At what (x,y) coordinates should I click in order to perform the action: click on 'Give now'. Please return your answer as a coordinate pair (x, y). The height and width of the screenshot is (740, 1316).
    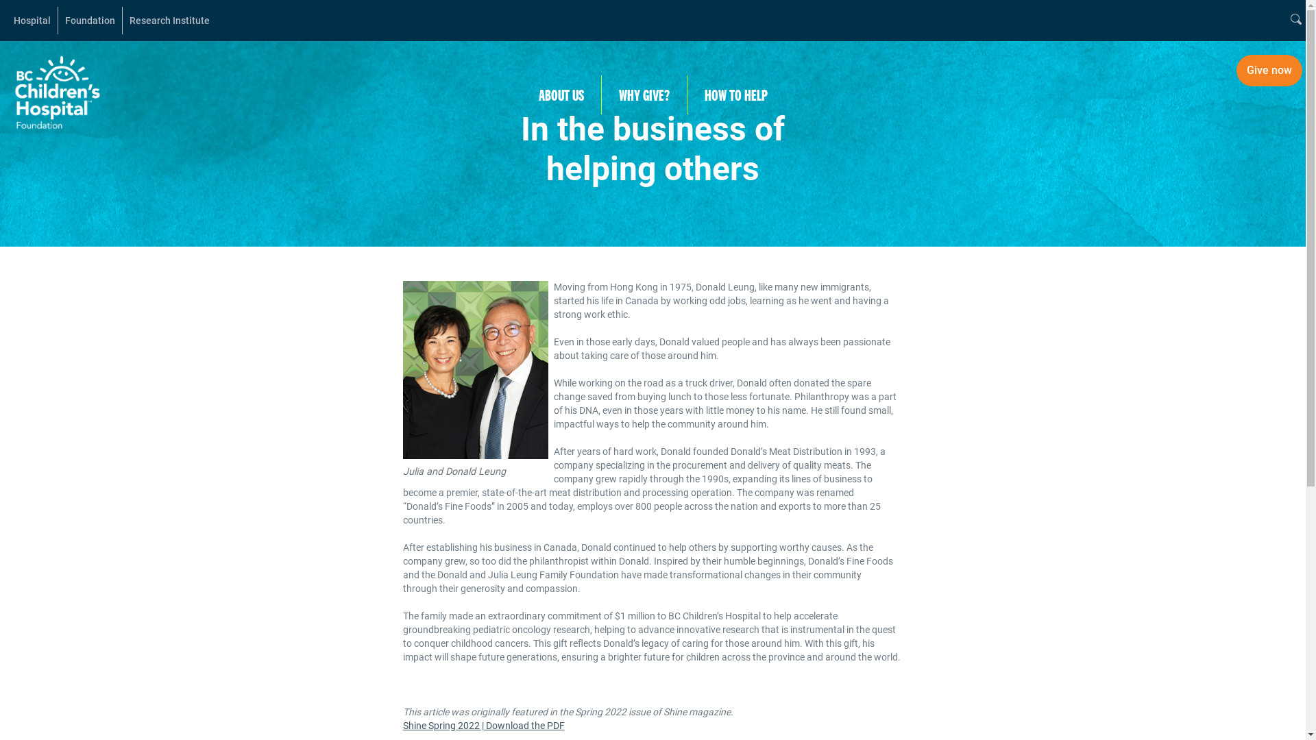
    Looking at the image, I should click on (1236, 71).